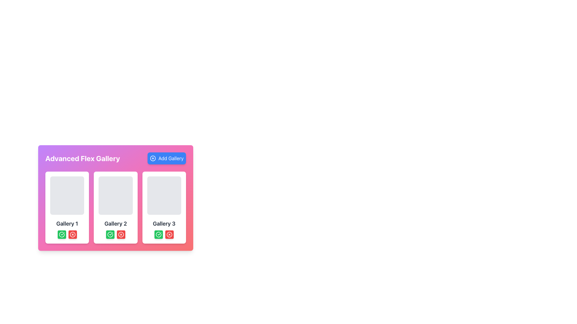 The width and height of the screenshot is (577, 324). Describe the element at coordinates (115, 234) in the screenshot. I see `the green button in the Button Group for confirming actions related to 'Gallery 2', located below the 'Gallery 2' title` at that location.